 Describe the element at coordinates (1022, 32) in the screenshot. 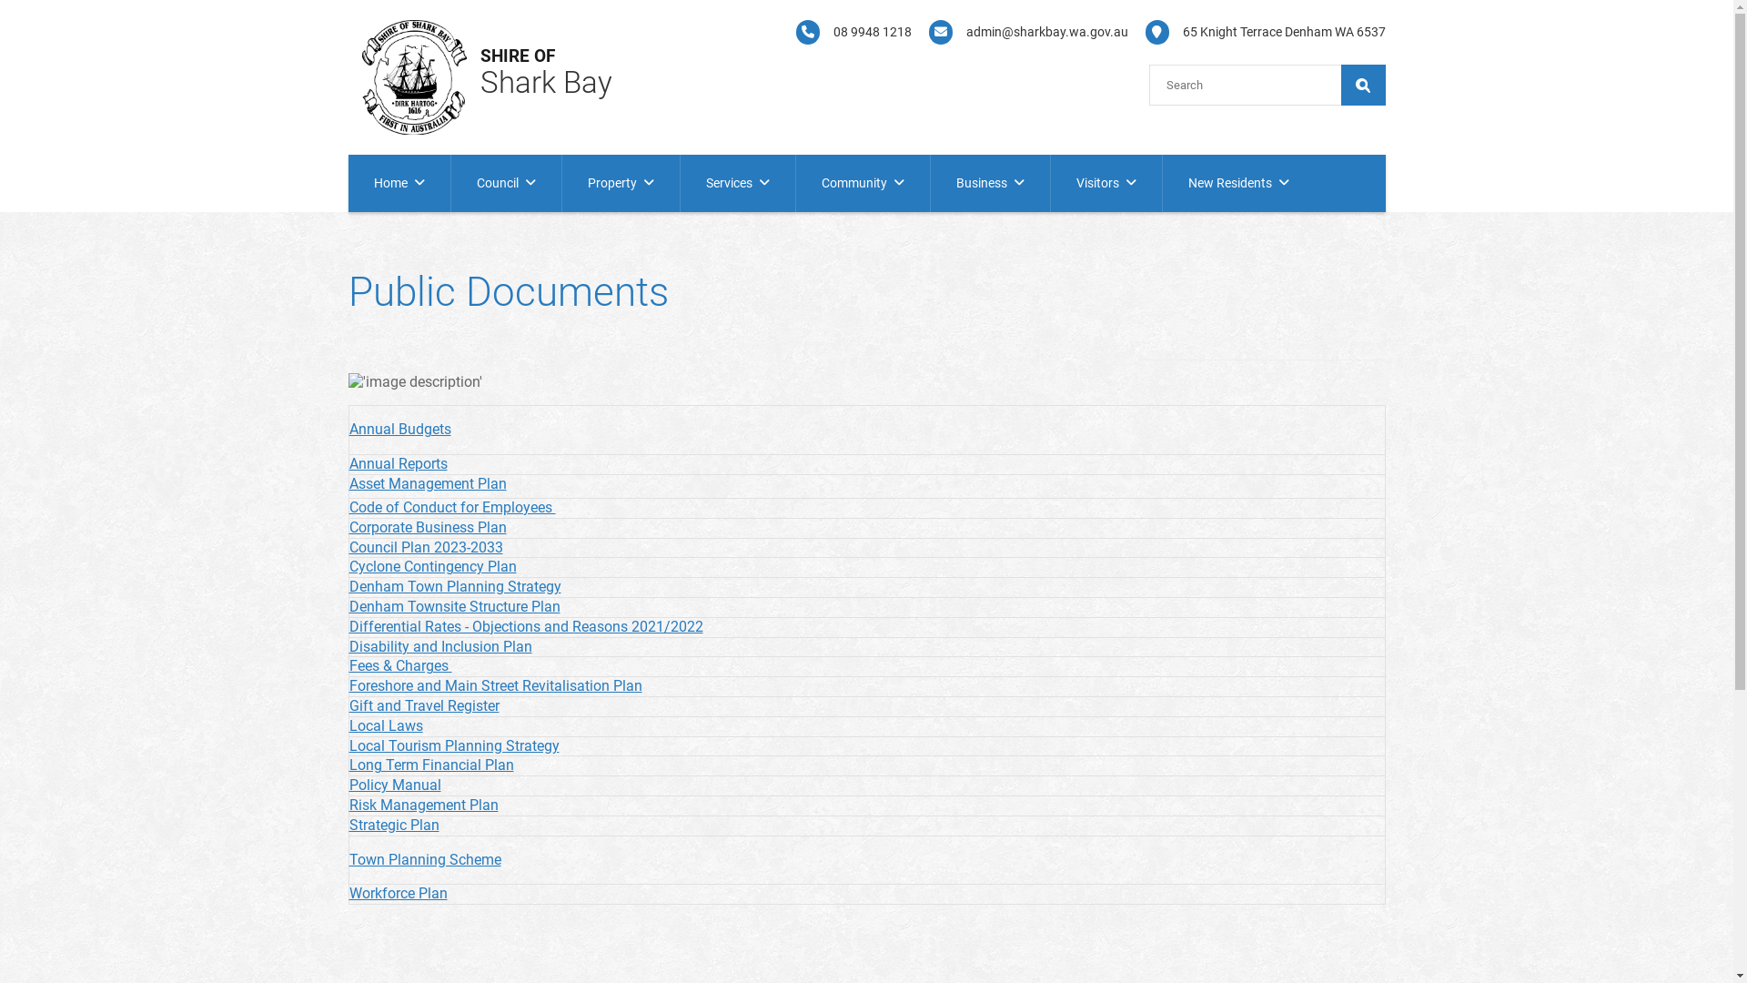

I see `'admin@sharkbay.wa.gov.au'` at that location.